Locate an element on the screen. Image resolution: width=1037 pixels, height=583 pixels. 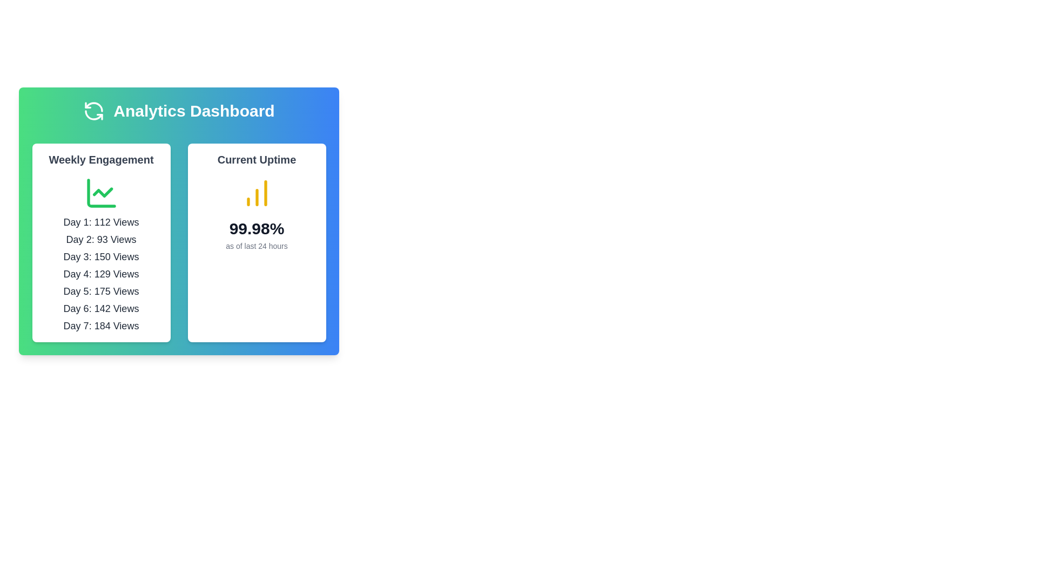
and analyze the daily view counts displayed in the text block of engagement statistics located in the left panel of the dashboard, below the 'Weekly Engagement' header and green line chart icon is located at coordinates (101, 274).